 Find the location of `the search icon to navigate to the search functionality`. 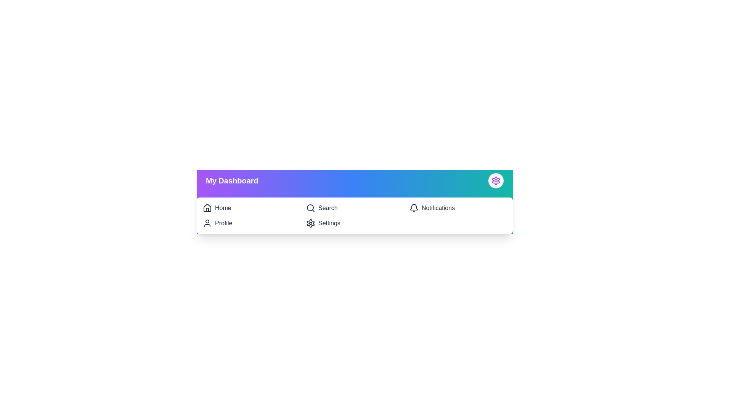

the search icon to navigate to the search functionality is located at coordinates (311, 208).